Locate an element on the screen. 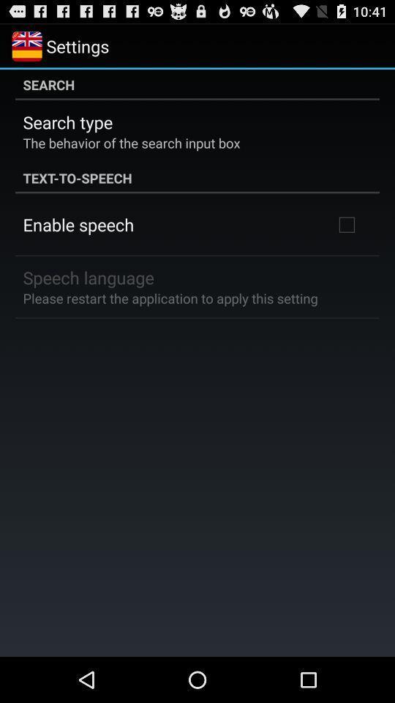 The width and height of the screenshot is (395, 703). item below the search item is located at coordinates (67, 121).